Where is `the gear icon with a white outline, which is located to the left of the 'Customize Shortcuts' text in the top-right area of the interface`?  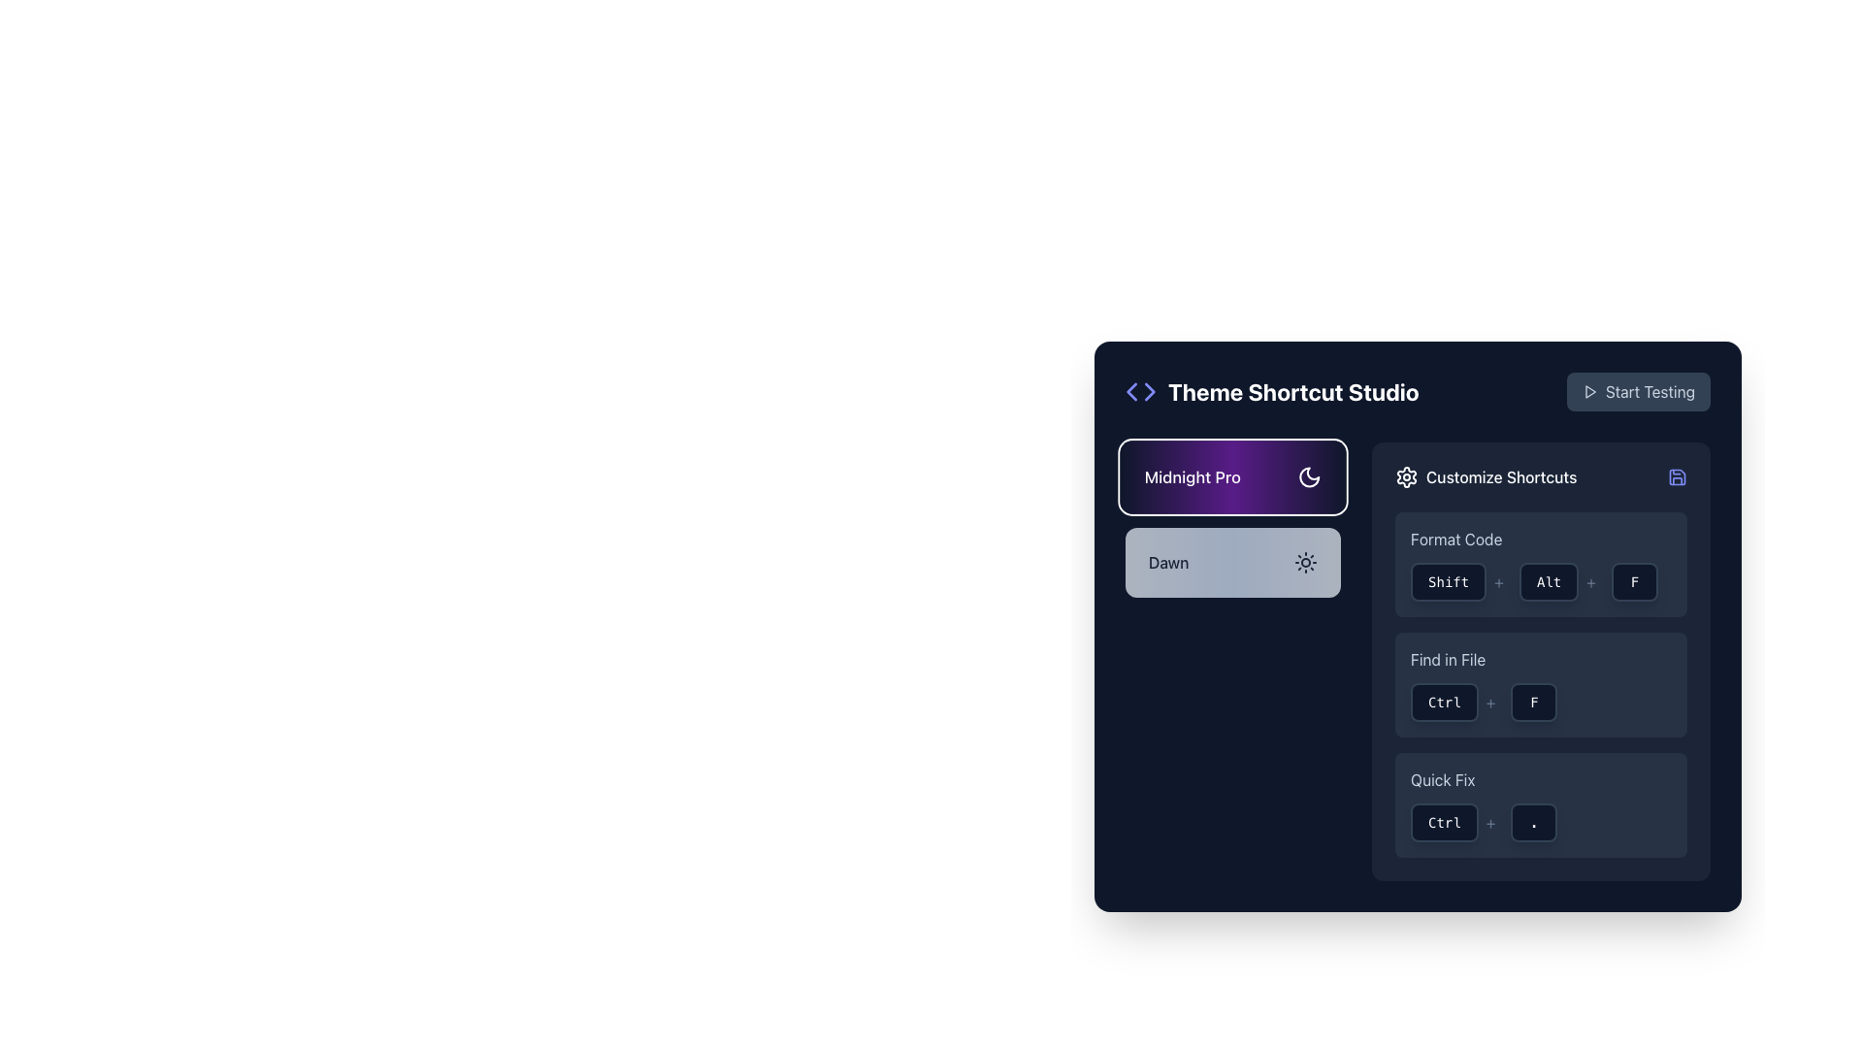
the gear icon with a white outline, which is located to the left of the 'Customize Shortcuts' text in the top-right area of the interface is located at coordinates (1406, 477).